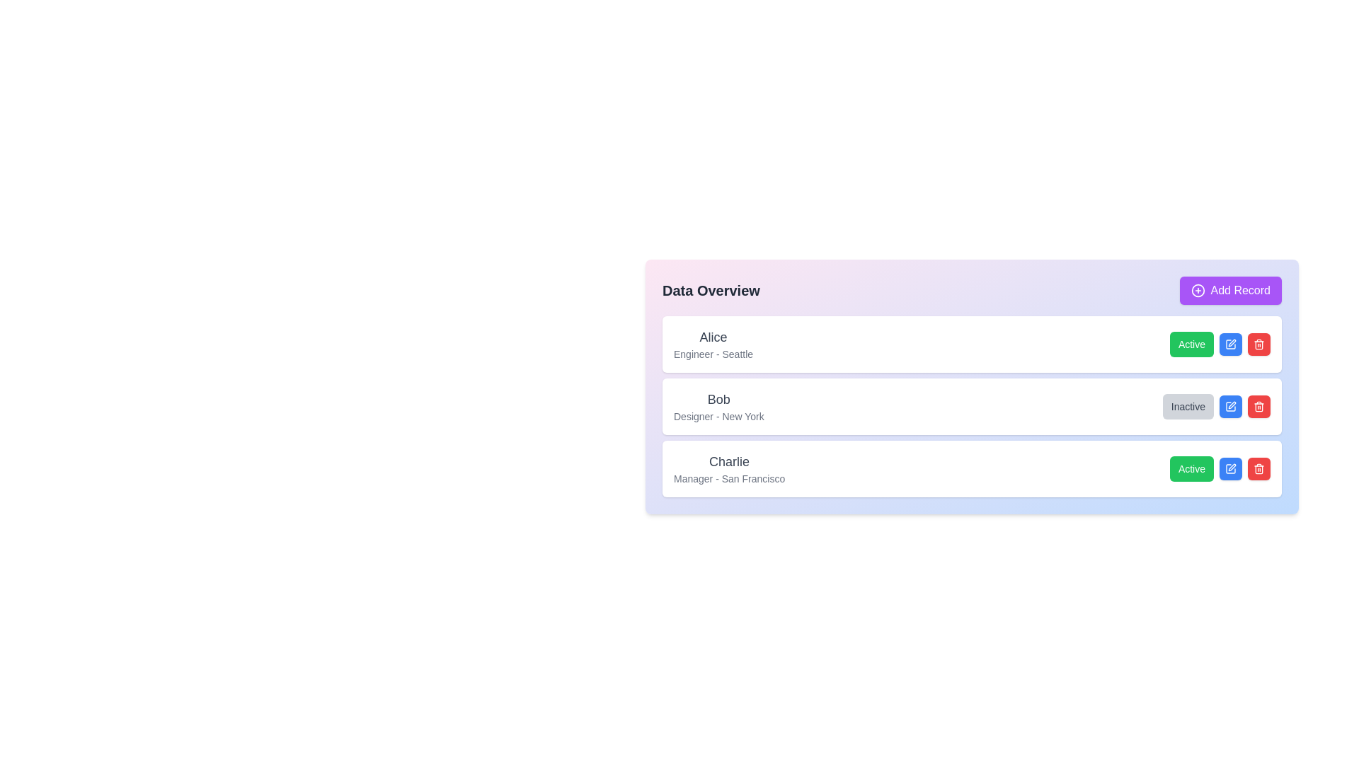  I want to click on the delete icon button for the 'Bob' user entry, which is the third control button in the rightmost section of the second row, so click(1259, 344).